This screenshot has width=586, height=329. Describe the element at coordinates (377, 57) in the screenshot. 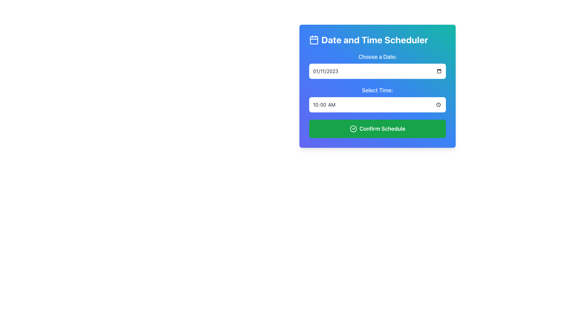

I see `the Text Label that describes the date input field in the 'Date and Time Scheduler' section, which is positioned directly above the date input with placeholder text '01/11/2023'` at that location.